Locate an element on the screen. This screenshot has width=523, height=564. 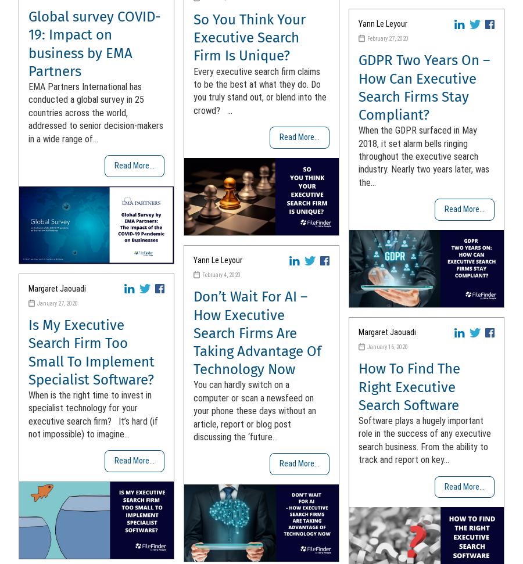
'Software plays a hugely important role in the success of any executive search business. From the ability to track and report on key...' is located at coordinates (424, 440).